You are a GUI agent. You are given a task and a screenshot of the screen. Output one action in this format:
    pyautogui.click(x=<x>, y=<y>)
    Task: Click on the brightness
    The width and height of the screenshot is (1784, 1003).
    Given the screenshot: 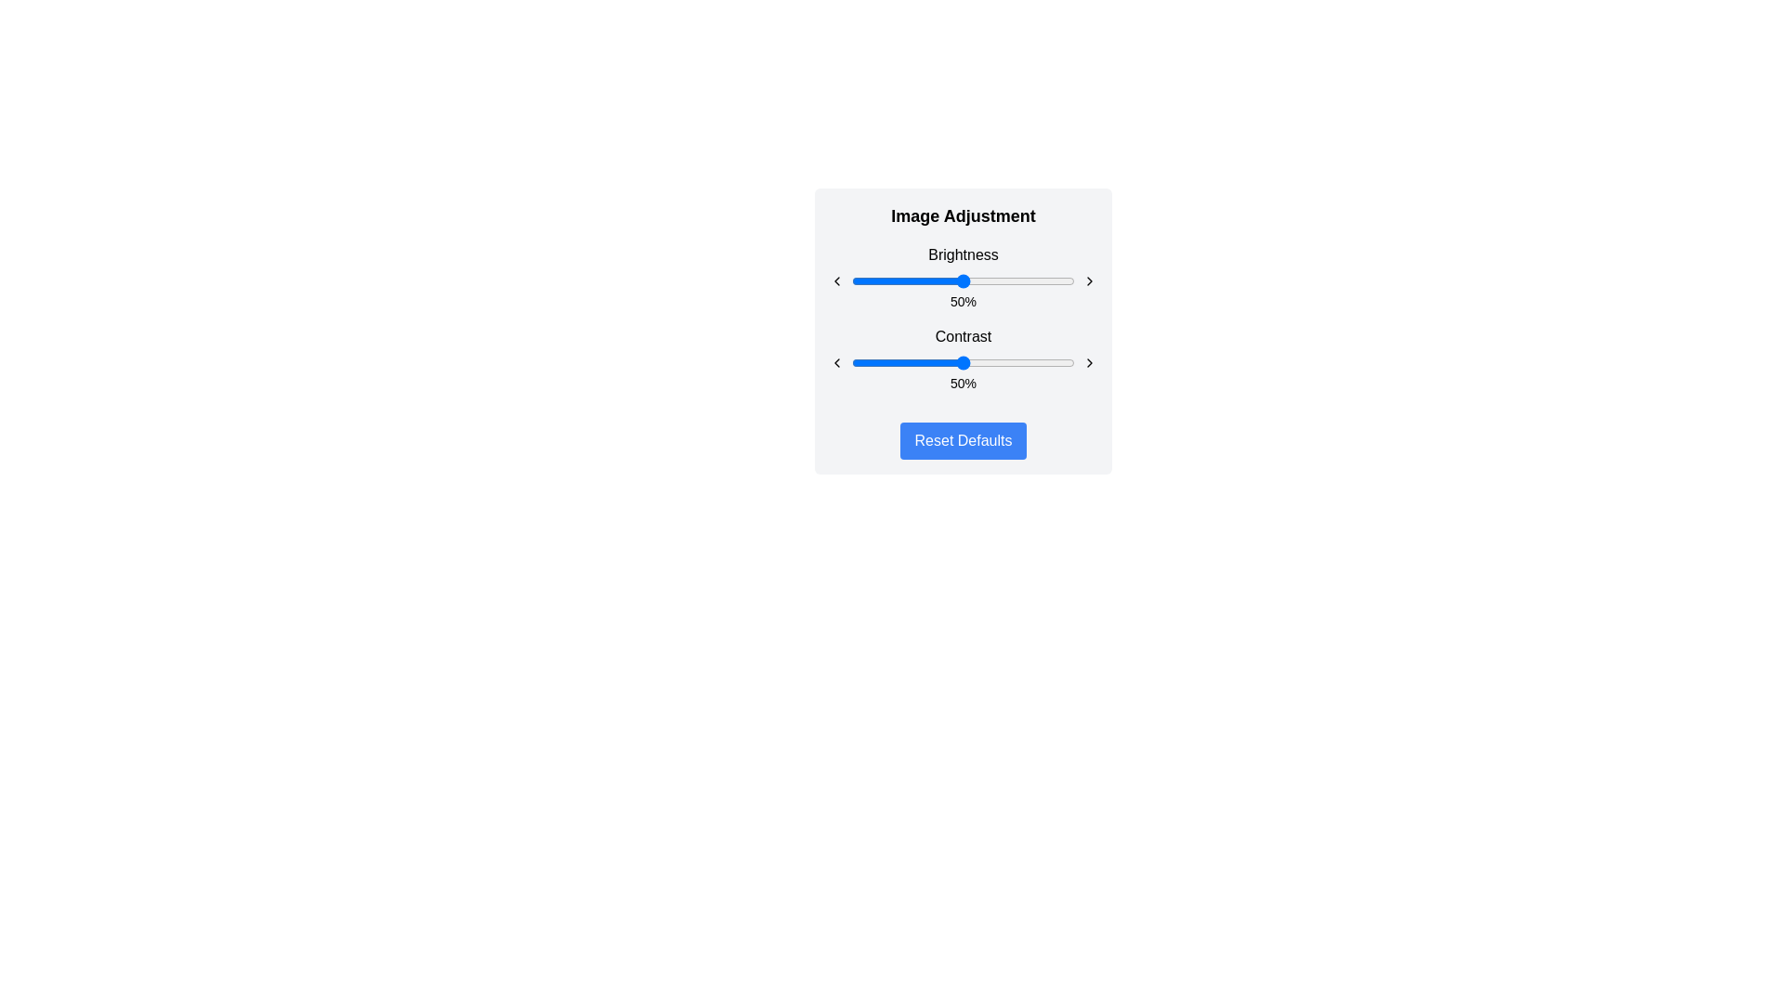 What is the action you would take?
    pyautogui.click(x=900, y=281)
    